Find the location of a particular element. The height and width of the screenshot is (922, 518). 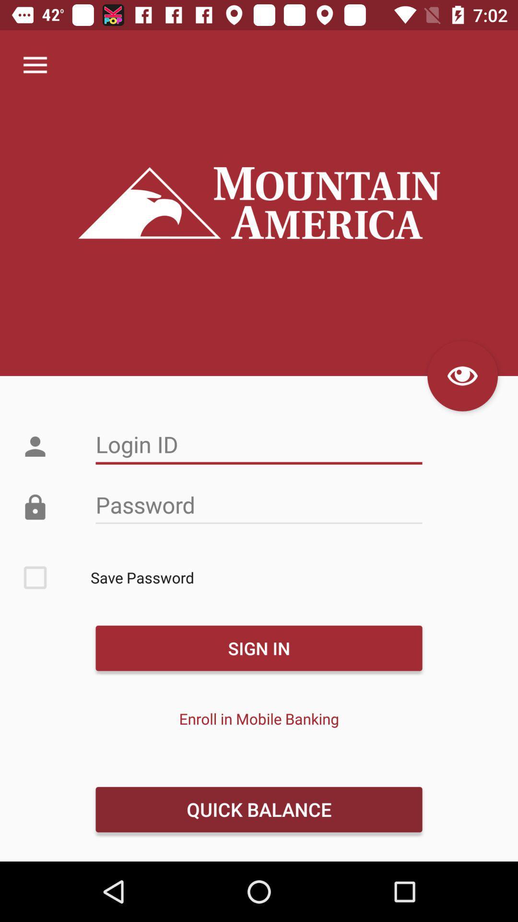

the icon at the top left corner is located at coordinates (35, 65).